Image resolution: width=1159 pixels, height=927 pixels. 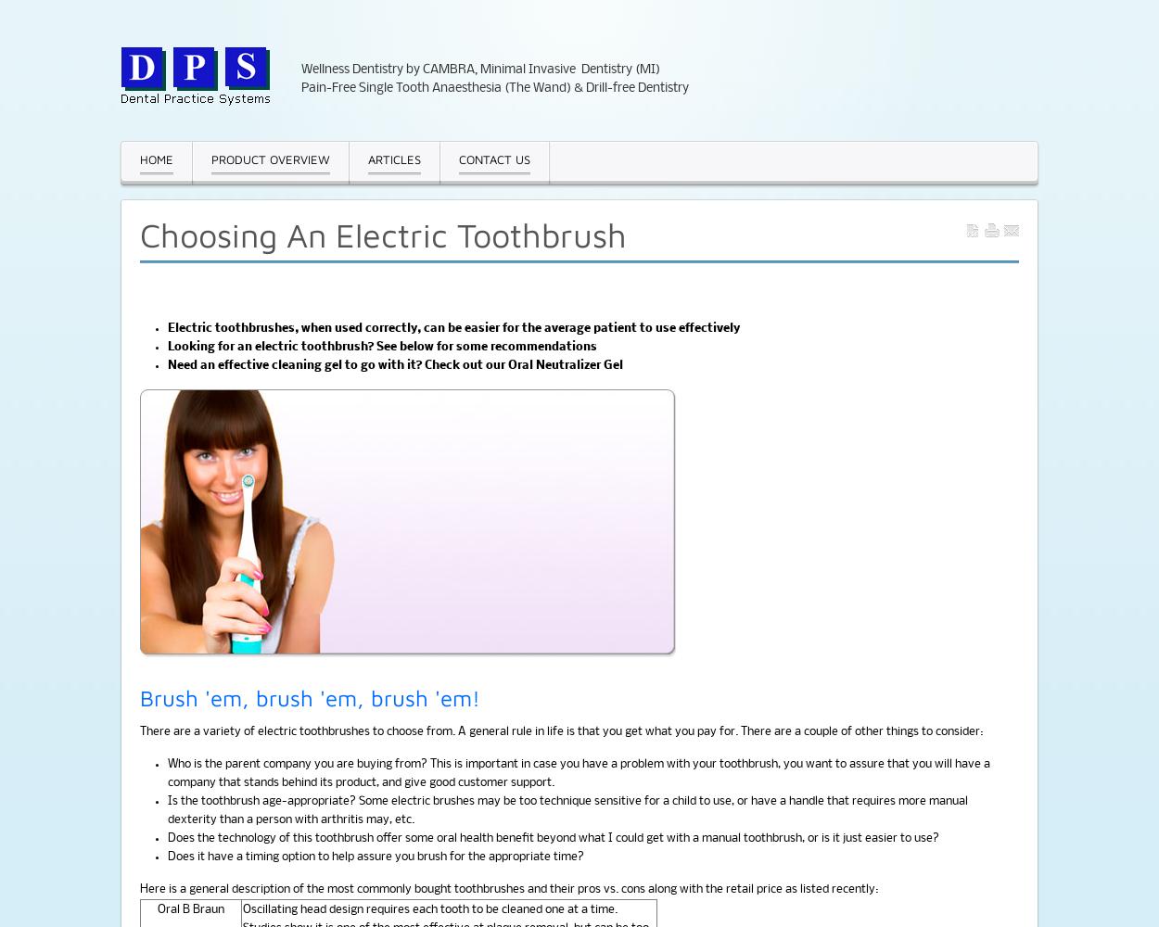 What do you see at coordinates (168, 327) in the screenshot?
I see `'Electric toothbrushes, when used correctly, can be easier for the average patient to use effectively'` at bounding box center [168, 327].